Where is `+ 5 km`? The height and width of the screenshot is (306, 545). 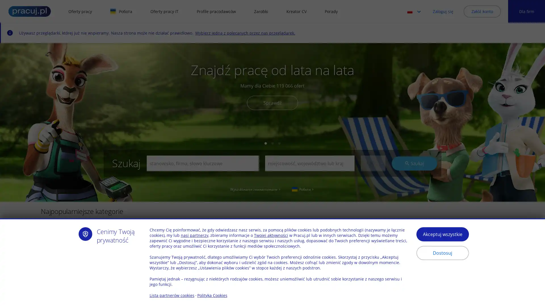
+ 5 km is located at coordinates (373, 184).